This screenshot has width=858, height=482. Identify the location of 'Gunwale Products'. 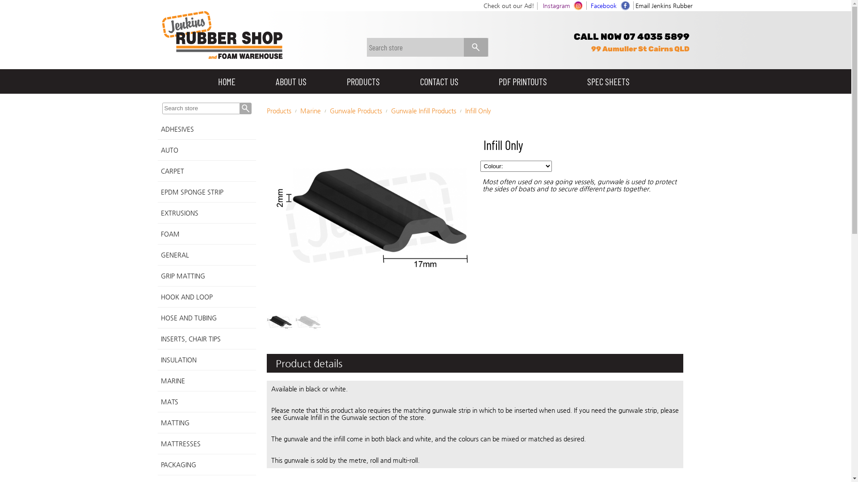
(355, 110).